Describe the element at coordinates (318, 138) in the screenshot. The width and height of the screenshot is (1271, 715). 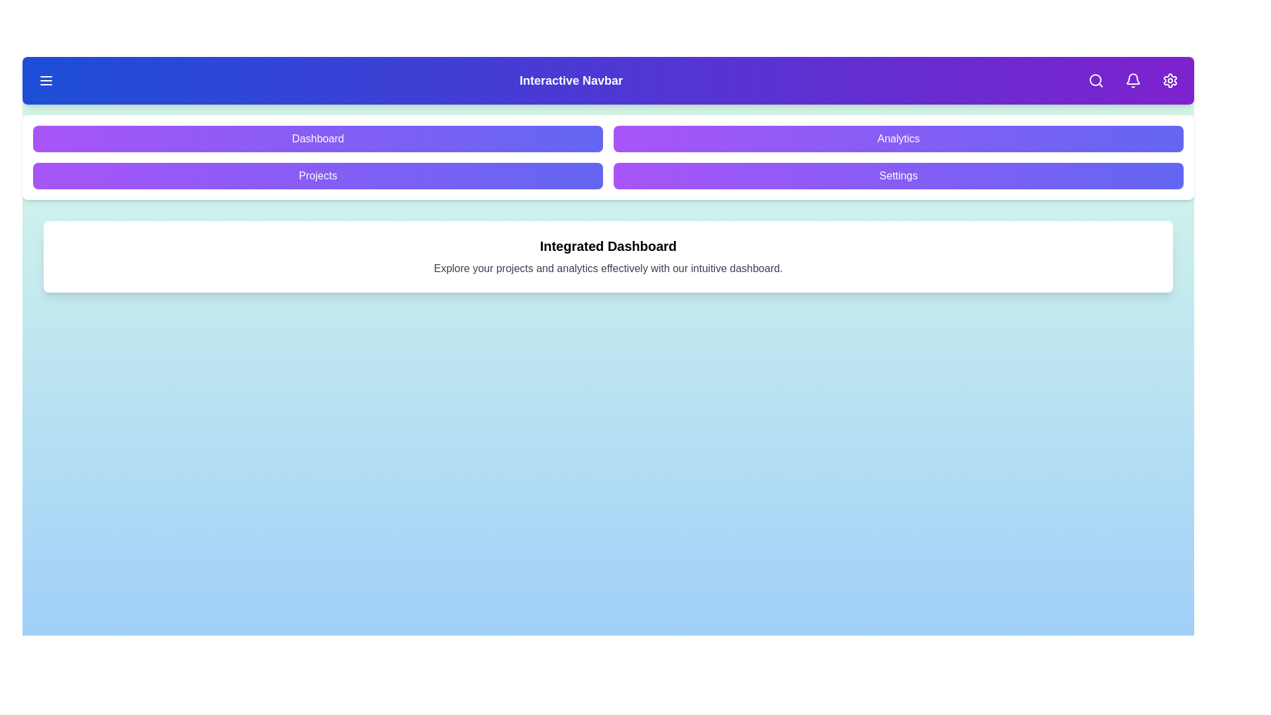
I see `the 'Dashboard' button` at that location.